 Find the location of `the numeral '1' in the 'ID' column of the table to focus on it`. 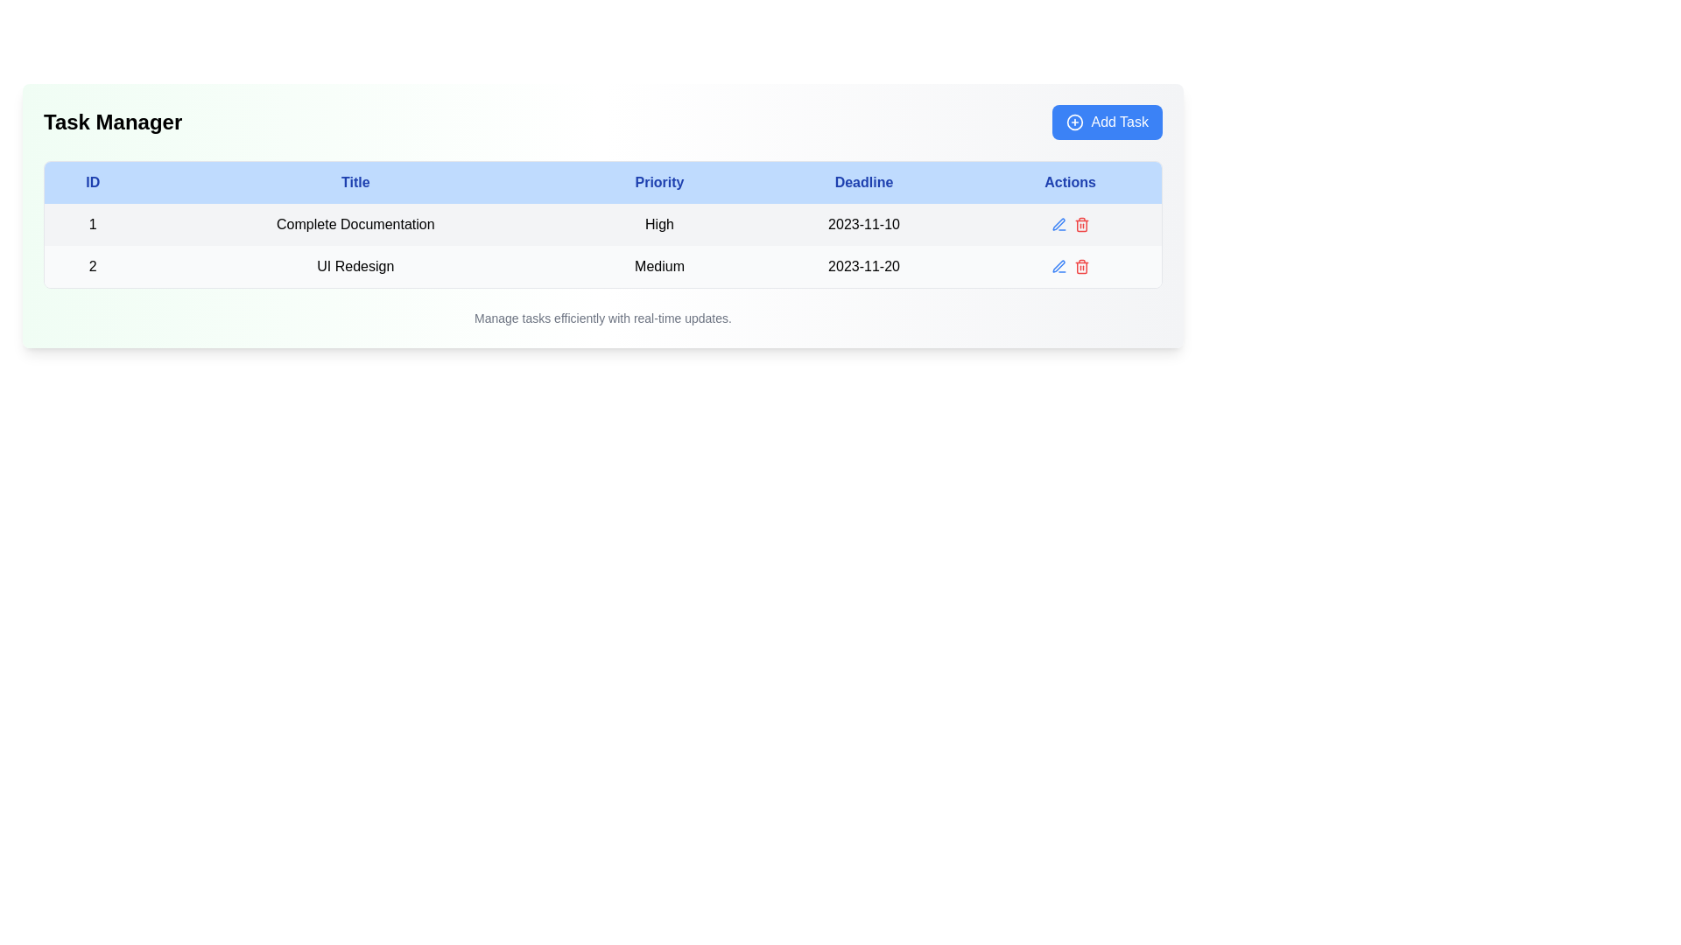

the numeral '1' in the 'ID' column of the table to focus on it is located at coordinates (92, 224).